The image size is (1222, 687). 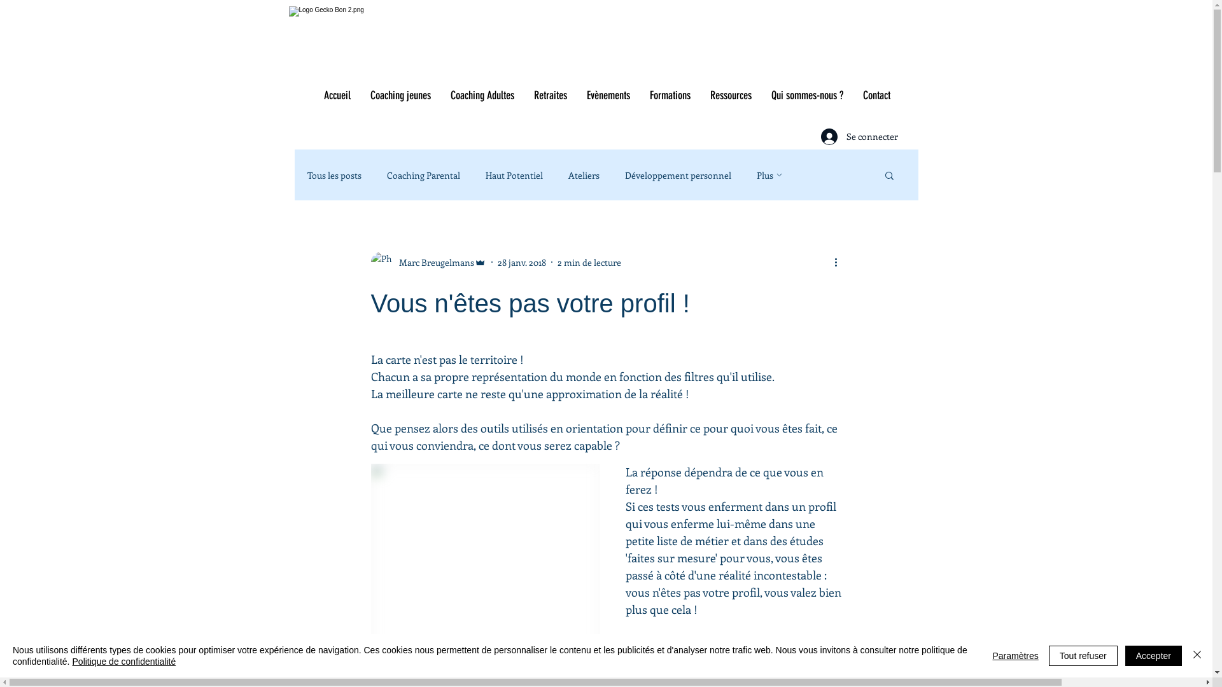 What do you see at coordinates (428, 261) in the screenshot?
I see `'Marc Breugelmans'` at bounding box center [428, 261].